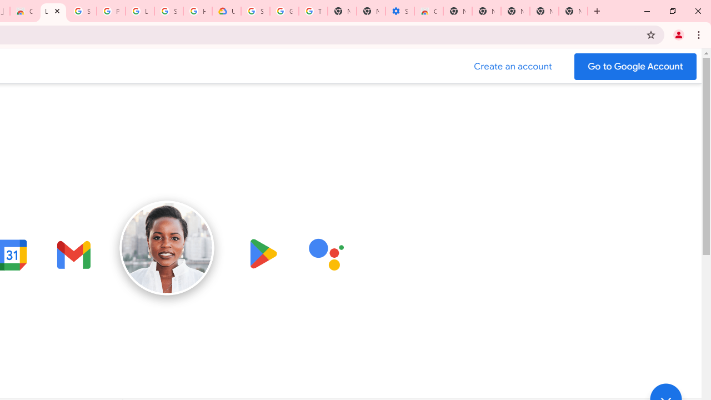 The width and height of the screenshot is (711, 400). I want to click on 'Chrome', so click(699, 34).